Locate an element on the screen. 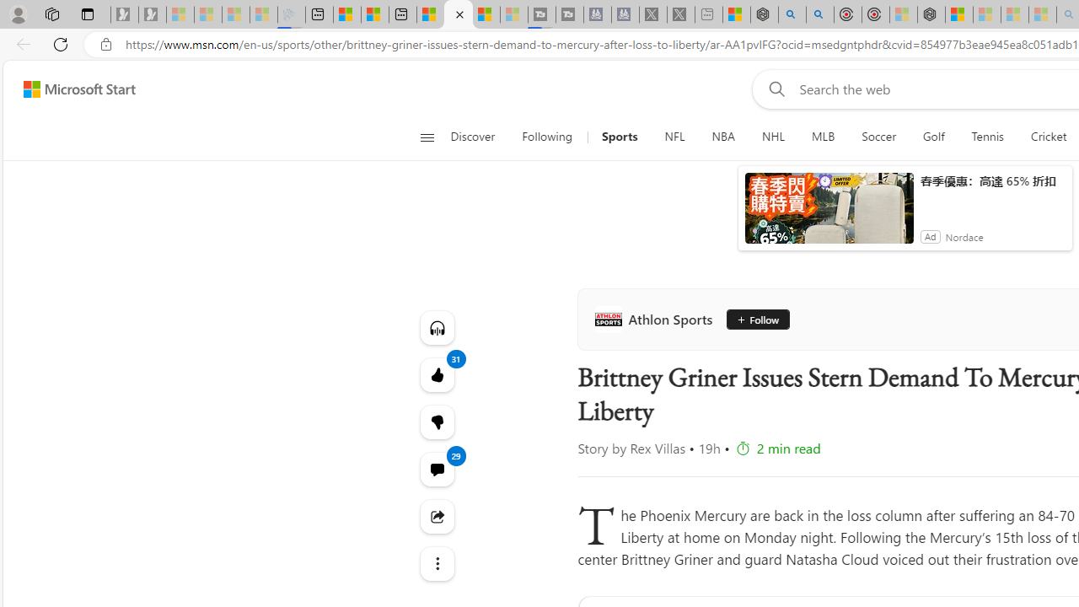  'Back' is located at coordinates (20, 43).